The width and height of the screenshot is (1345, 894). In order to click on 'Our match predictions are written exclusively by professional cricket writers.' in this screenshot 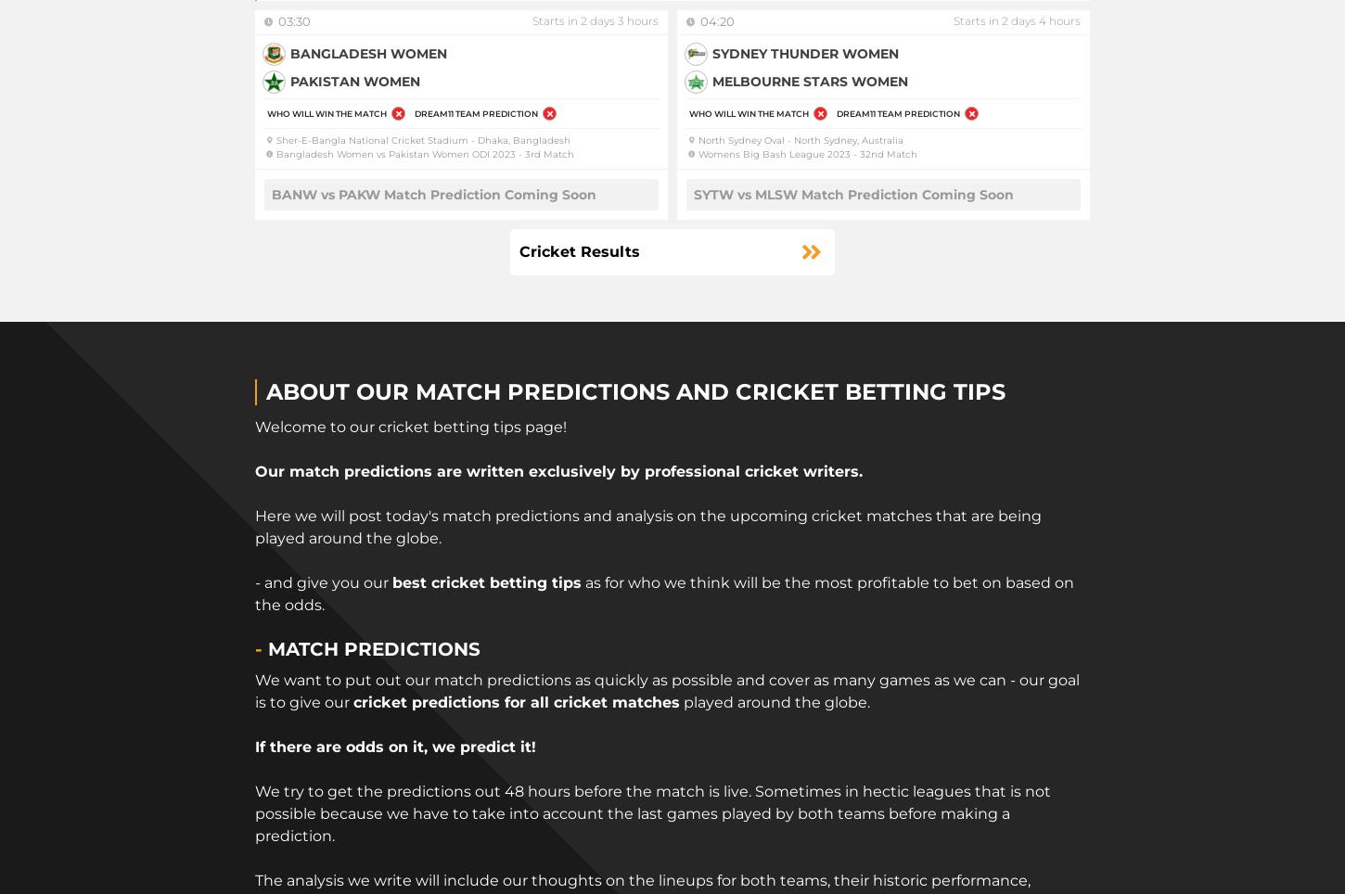, I will do `click(558, 469)`.